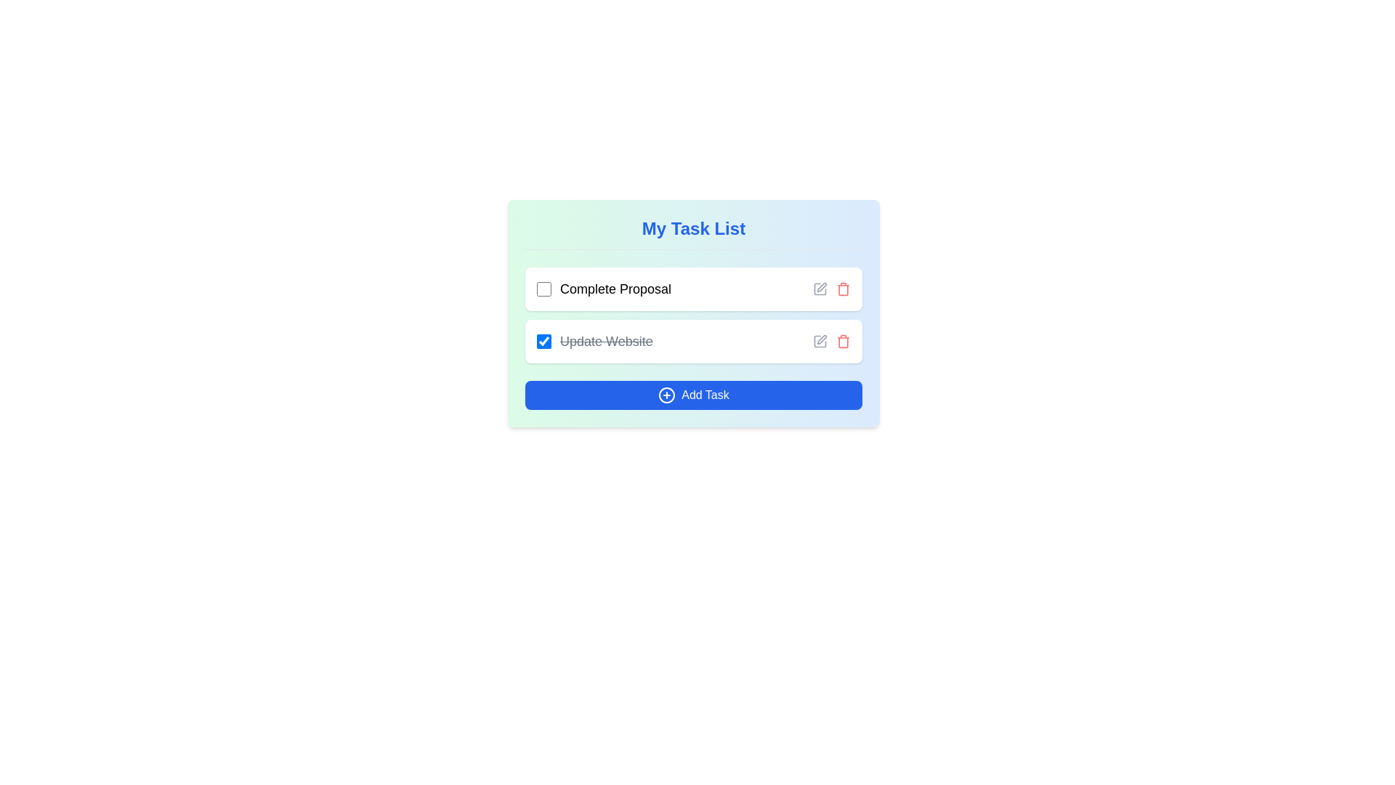 Image resolution: width=1395 pixels, height=785 pixels. Describe the element at coordinates (666, 395) in the screenshot. I see `the circular '+' icon located within the 'Add Task' button at the bottom of the task list interface` at that location.